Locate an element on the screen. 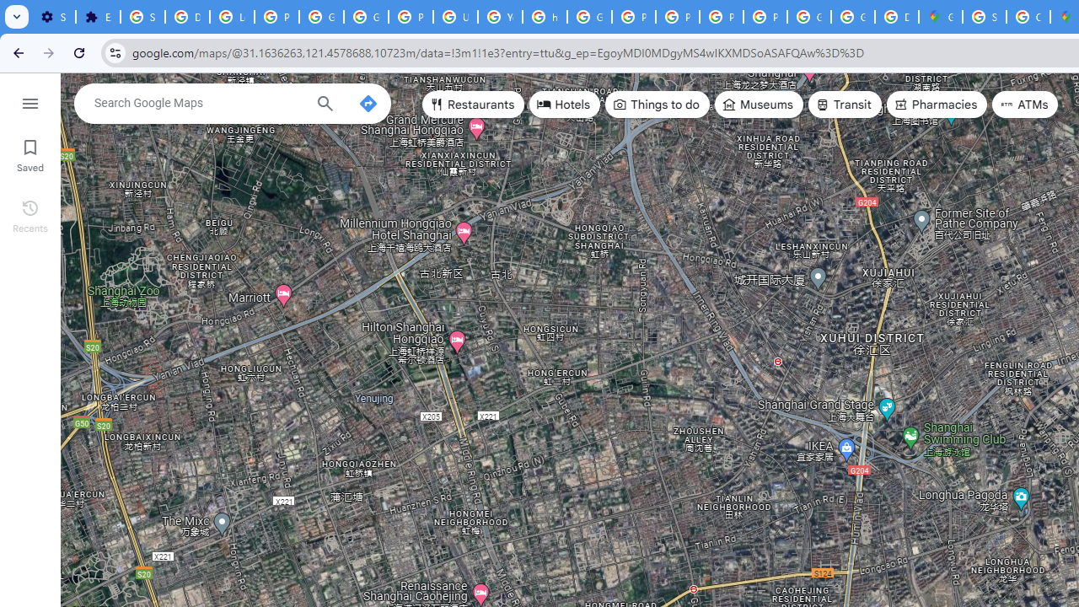 Image resolution: width=1079 pixels, height=607 pixels. 'Restaurants' is located at coordinates (472, 105).